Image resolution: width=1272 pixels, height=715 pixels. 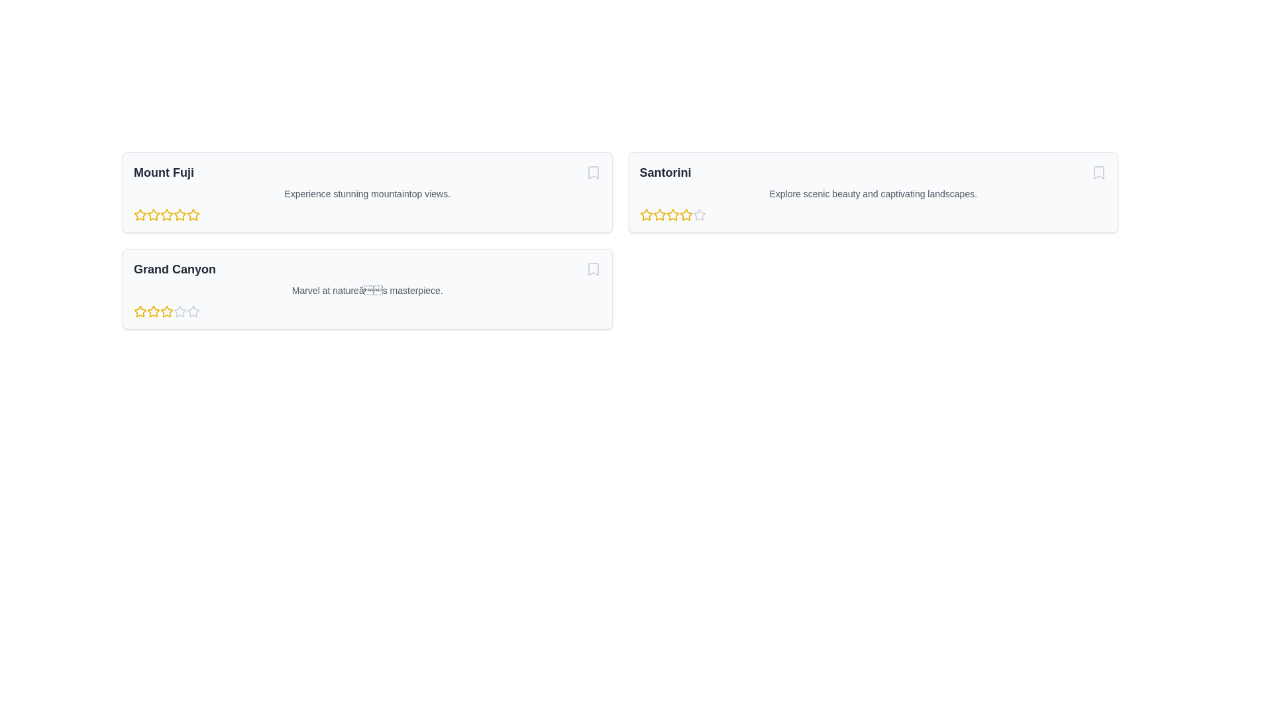 I want to click on the Bookmark icon for the destination Grand Canyon to toggle its favorite status, so click(x=592, y=269).